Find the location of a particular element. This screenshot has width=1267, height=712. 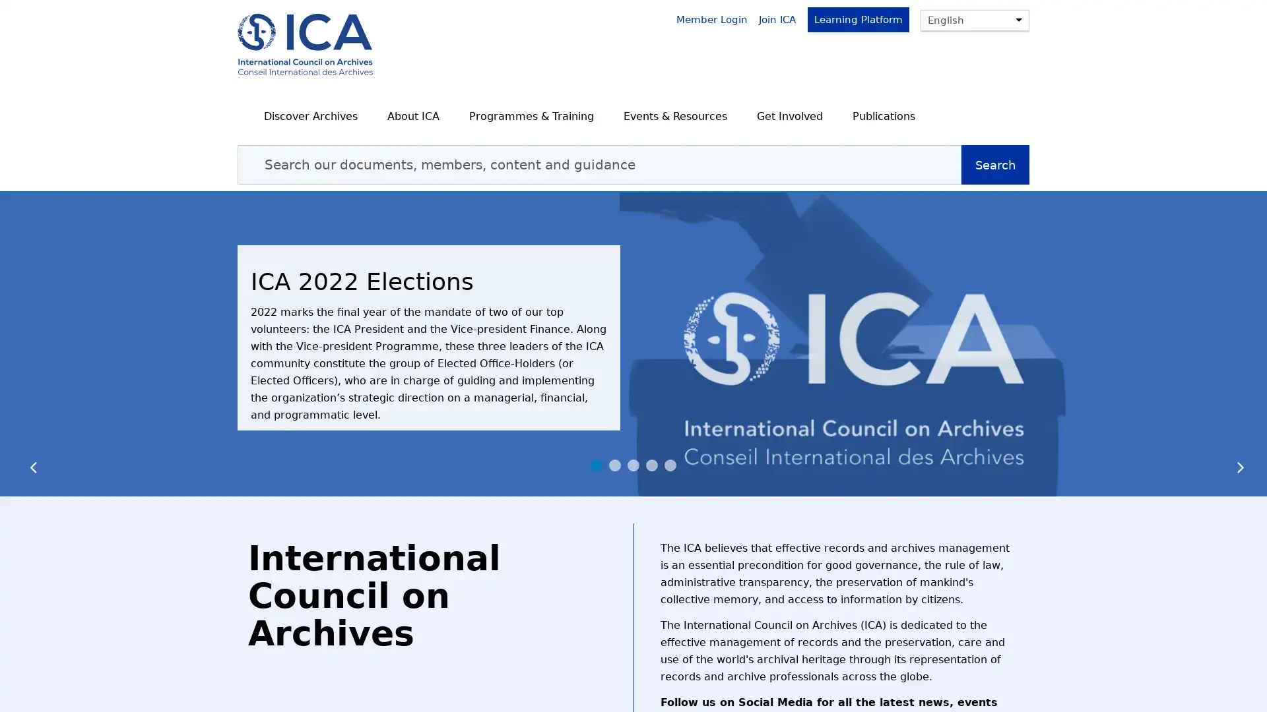

Search is located at coordinates (995, 164).